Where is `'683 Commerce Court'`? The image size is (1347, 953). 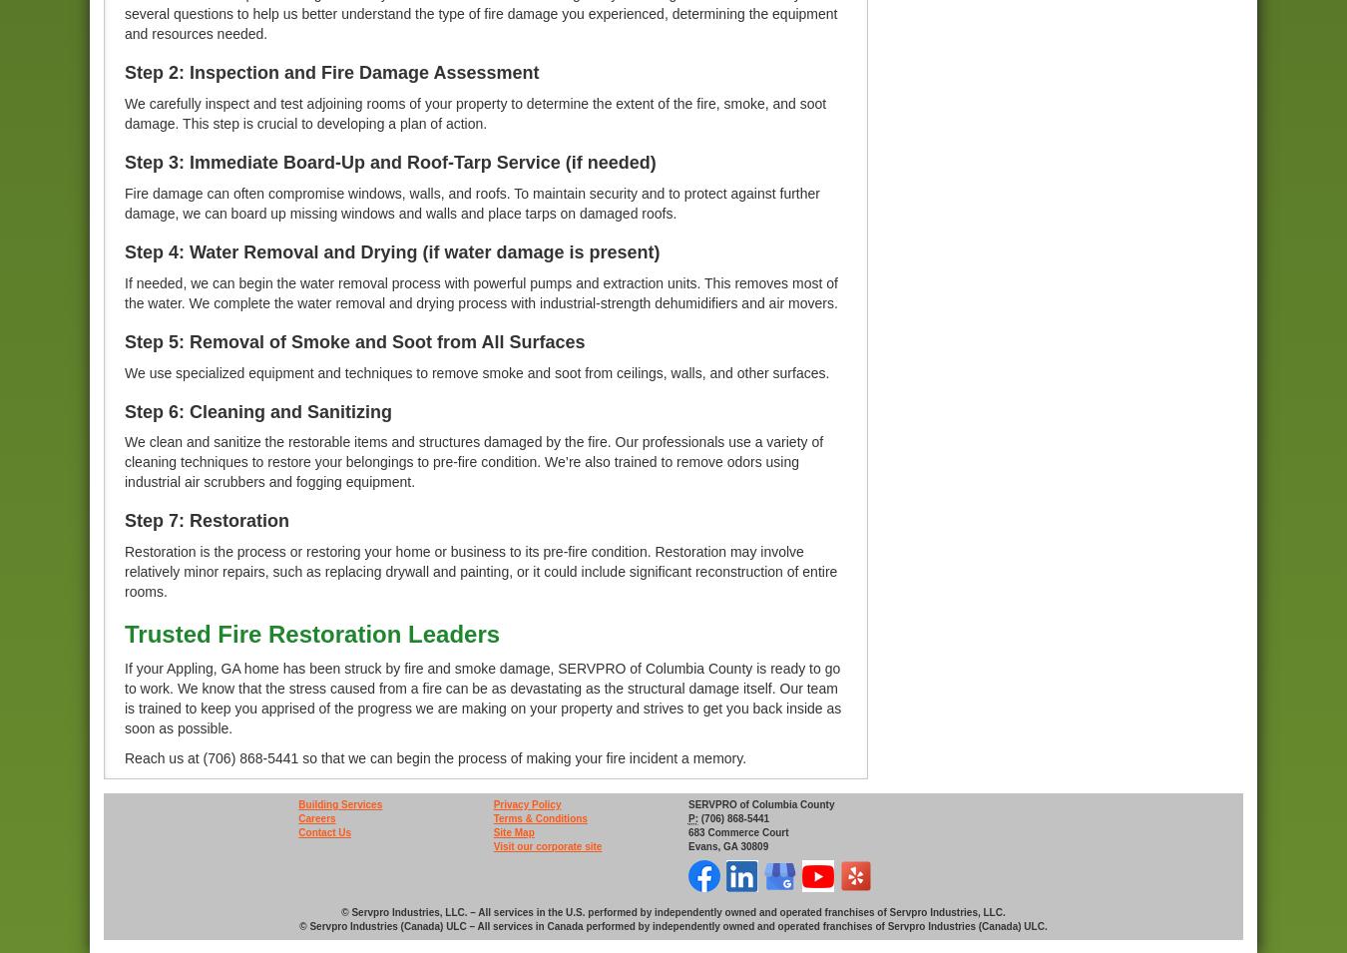
'683 Commerce Court' is located at coordinates (736, 832).